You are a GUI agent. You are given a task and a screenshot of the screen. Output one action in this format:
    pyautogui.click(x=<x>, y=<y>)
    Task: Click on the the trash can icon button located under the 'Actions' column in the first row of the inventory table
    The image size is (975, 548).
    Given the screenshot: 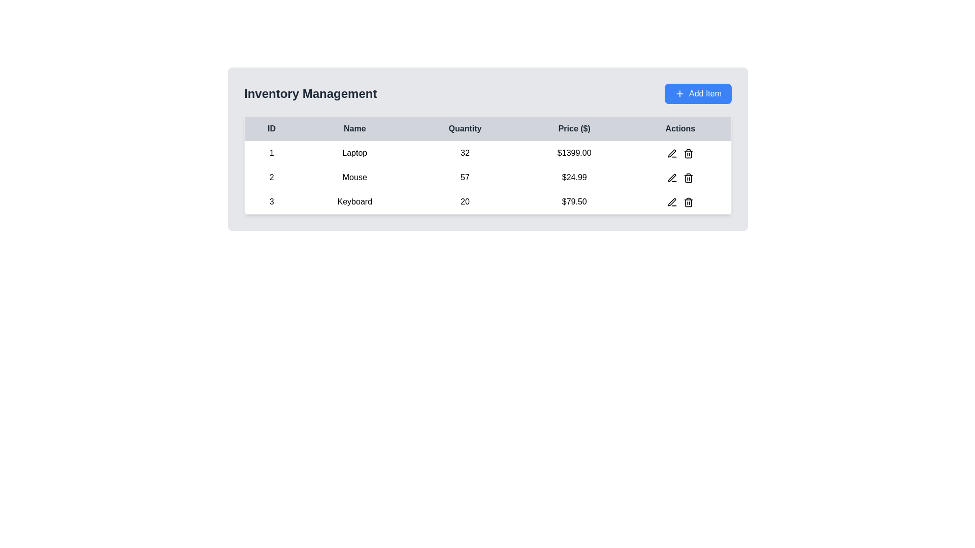 What is the action you would take?
    pyautogui.click(x=688, y=153)
    